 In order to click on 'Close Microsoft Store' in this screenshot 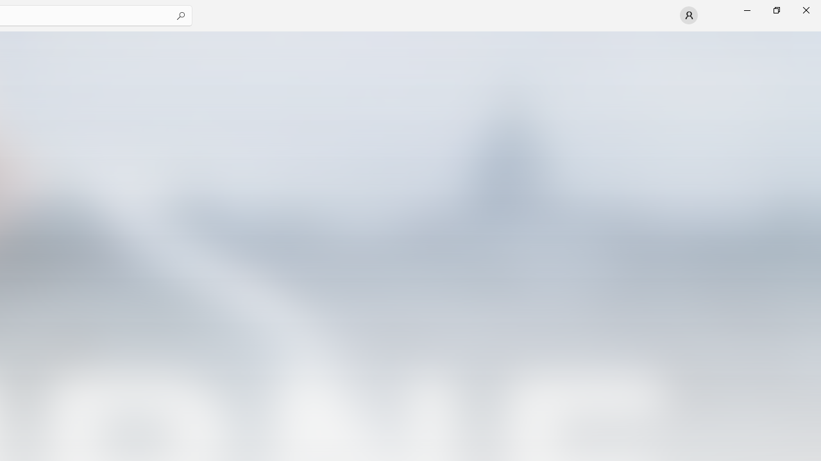, I will do `click(805, 10)`.